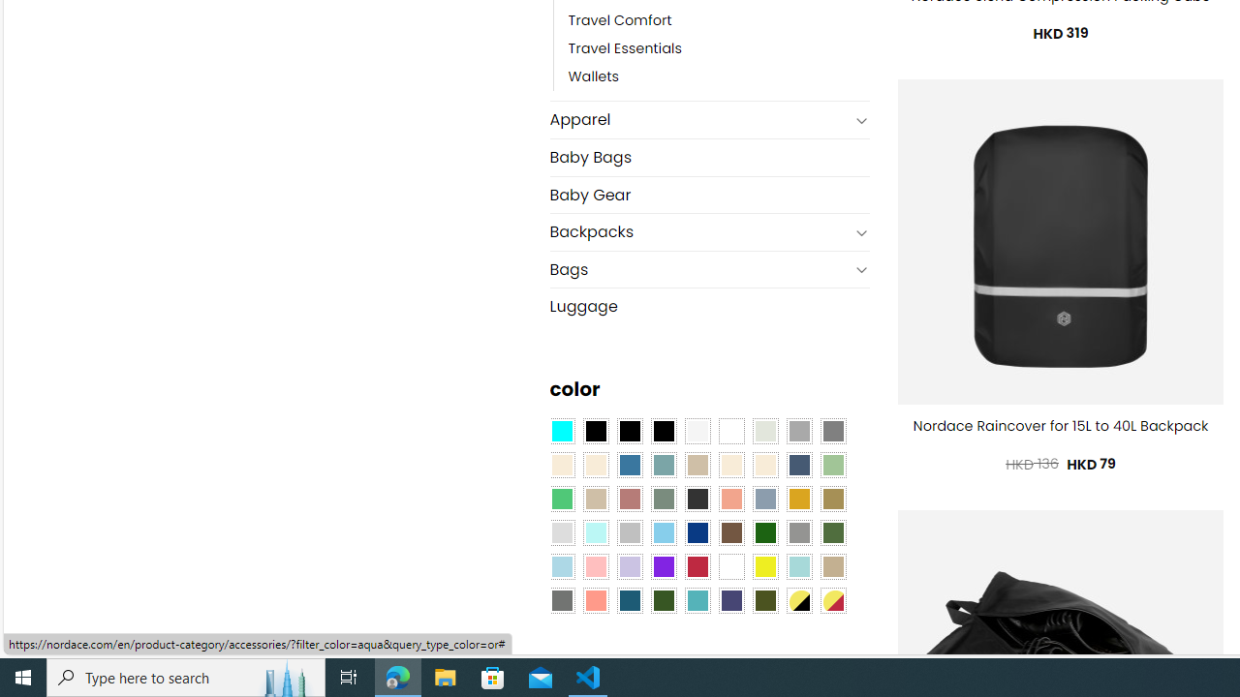 The height and width of the screenshot is (697, 1240). I want to click on 'Purple', so click(663, 566).